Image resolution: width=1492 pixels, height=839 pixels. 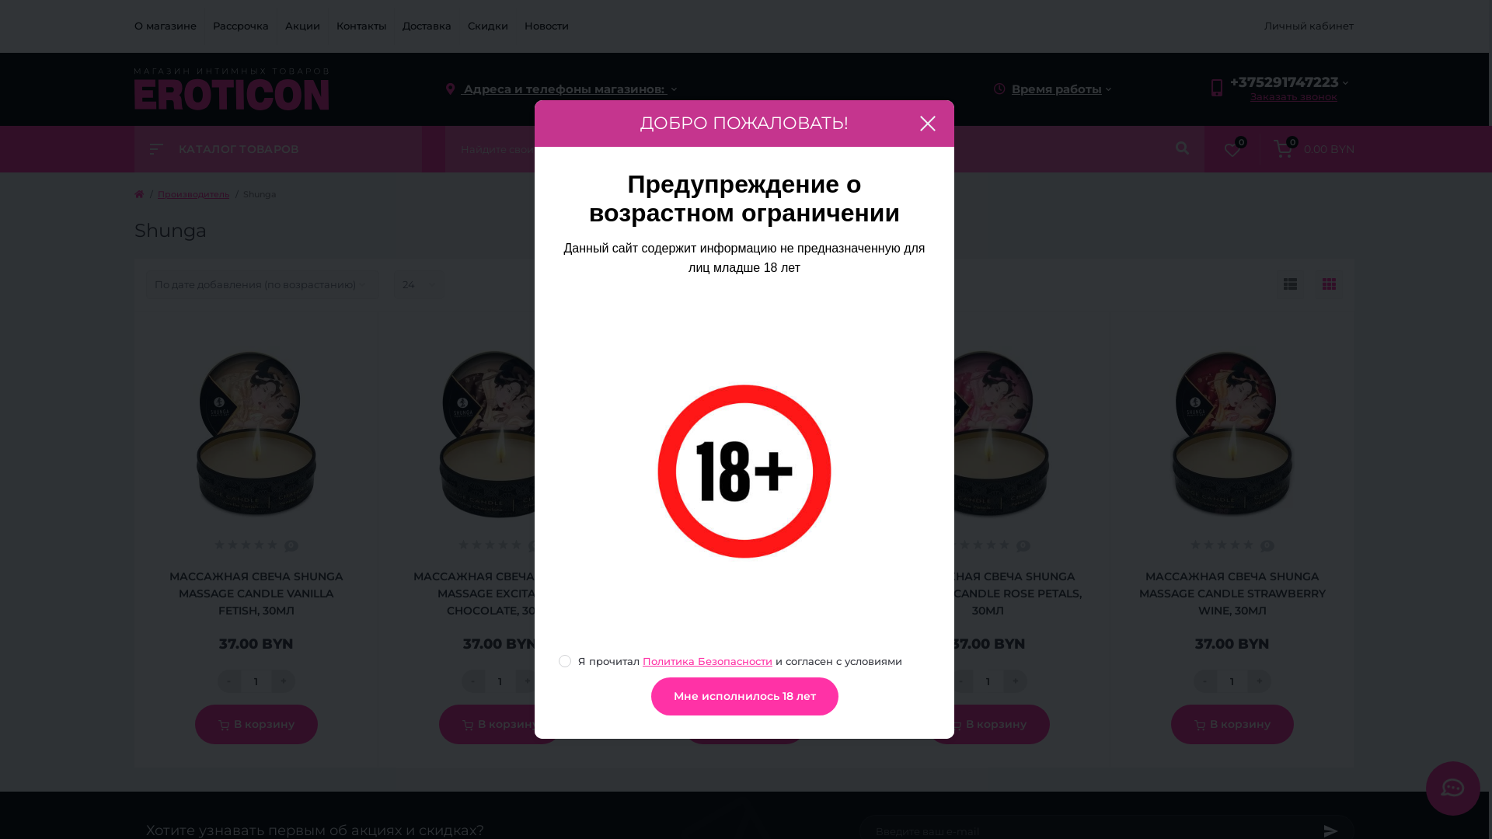 I want to click on '+', so click(x=527, y=680).